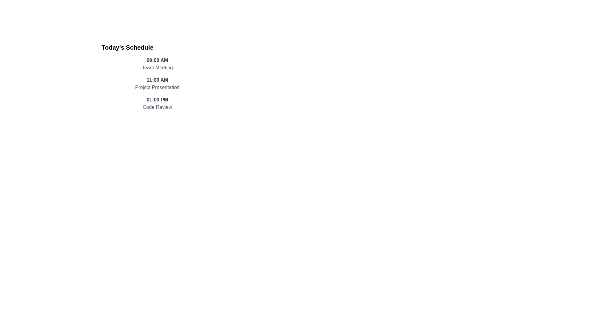  Describe the element at coordinates (157, 64) in the screenshot. I see `the text block displaying '09:00 AM' and 'Team Meeting'` at that location.